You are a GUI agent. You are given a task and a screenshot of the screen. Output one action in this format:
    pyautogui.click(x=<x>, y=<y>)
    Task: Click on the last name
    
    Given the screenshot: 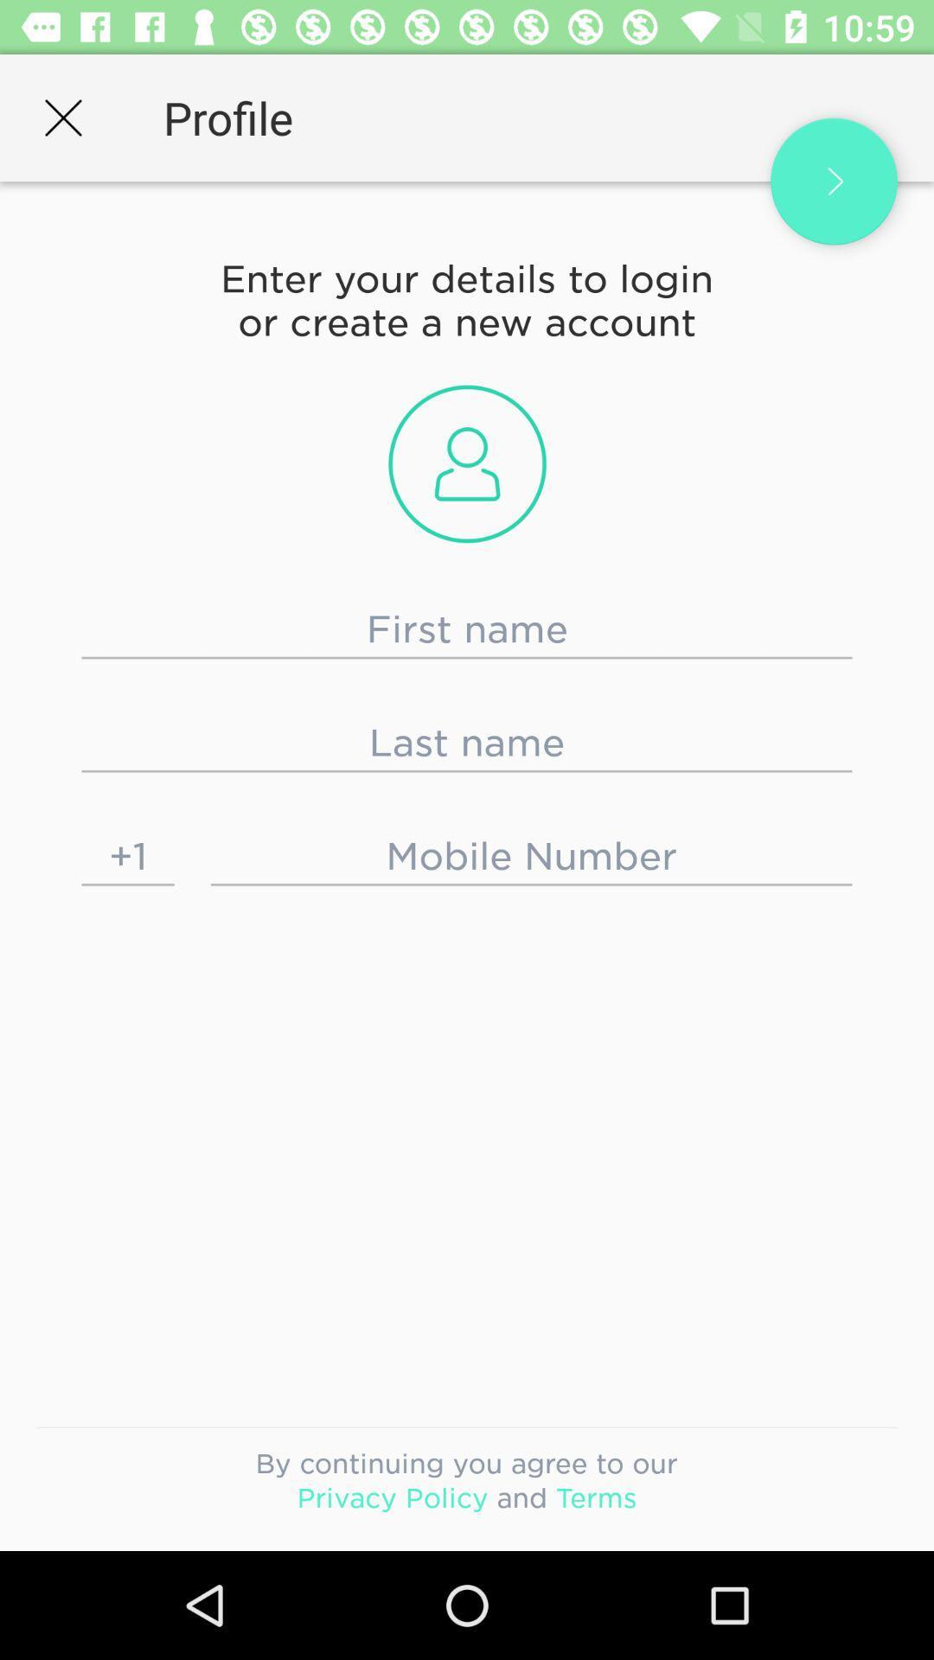 What is the action you would take?
    pyautogui.click(x=467, y=743)
    